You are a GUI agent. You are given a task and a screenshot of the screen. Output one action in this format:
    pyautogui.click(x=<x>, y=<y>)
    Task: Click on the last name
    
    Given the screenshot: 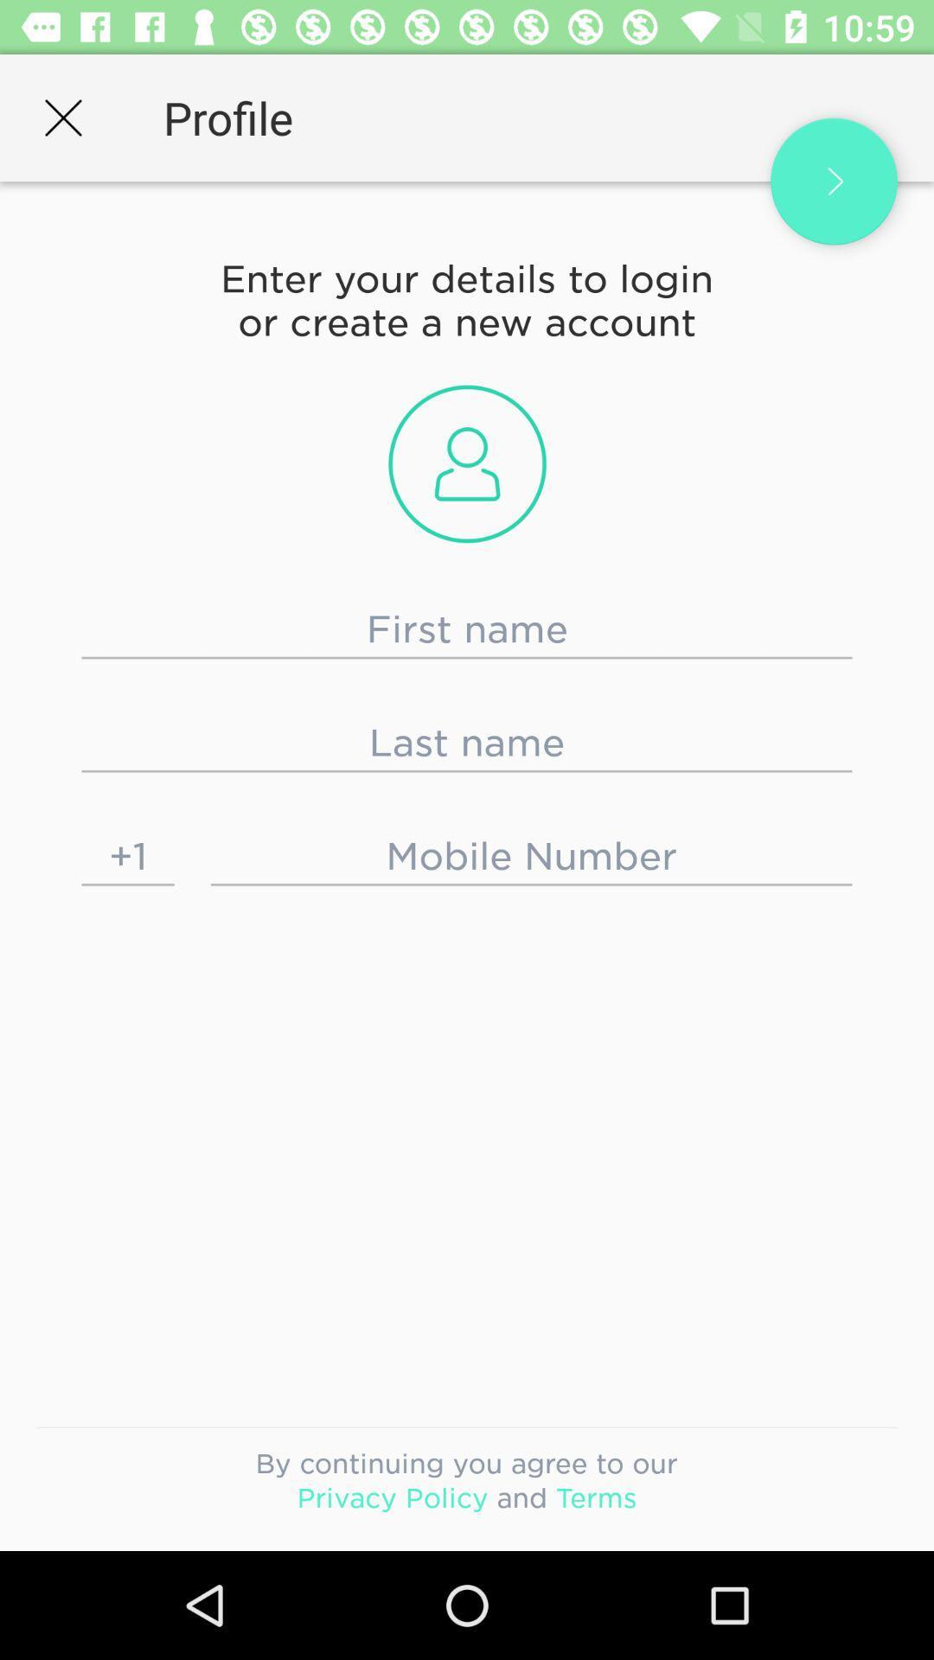 What is the action you would take?
    pyautogui.click(x=467, y=743)
    